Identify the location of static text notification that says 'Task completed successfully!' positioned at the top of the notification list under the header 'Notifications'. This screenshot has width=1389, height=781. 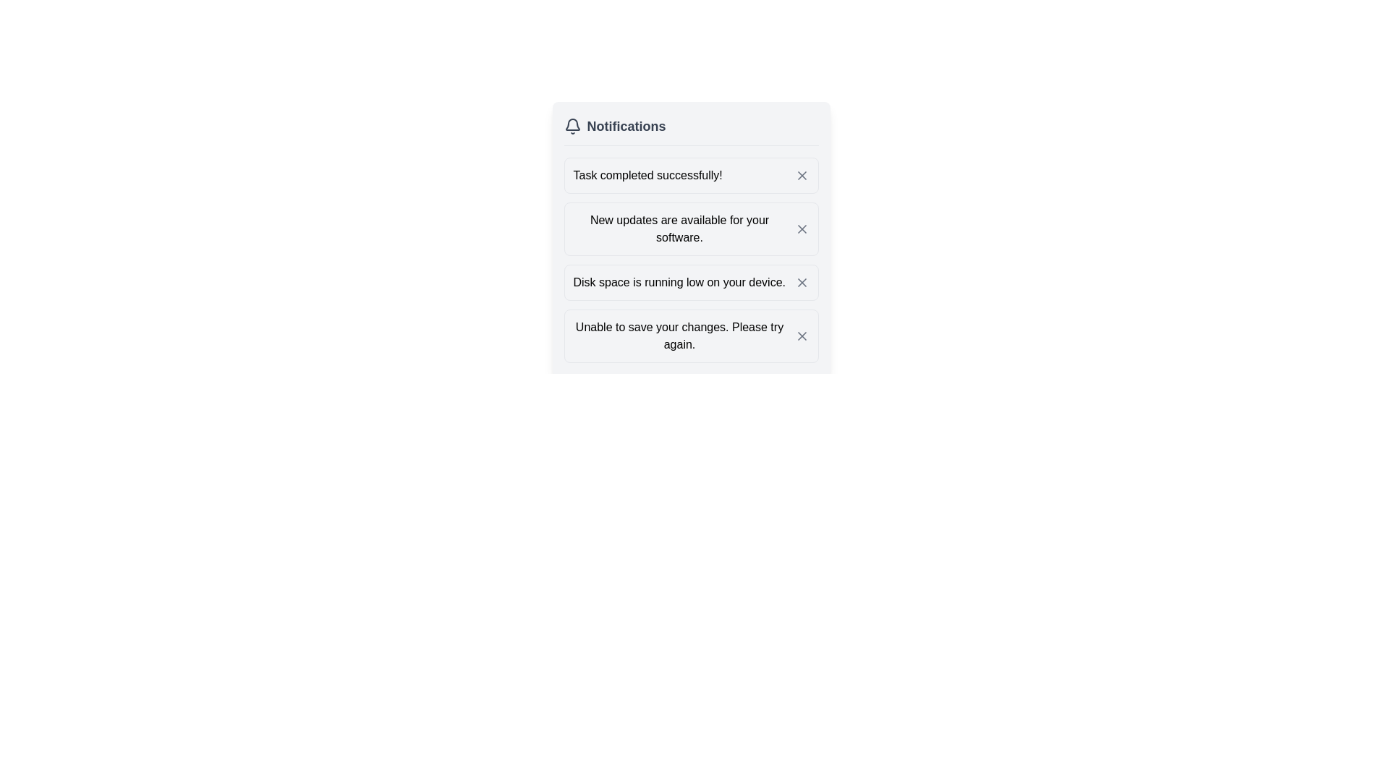
(647, 175).